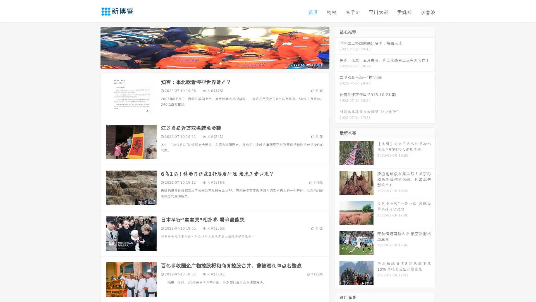 This screenshot has height=302, width=536. Describe the element at coordinates (220, 63) in the screenshot. I see `Go to slide 3` at that location.